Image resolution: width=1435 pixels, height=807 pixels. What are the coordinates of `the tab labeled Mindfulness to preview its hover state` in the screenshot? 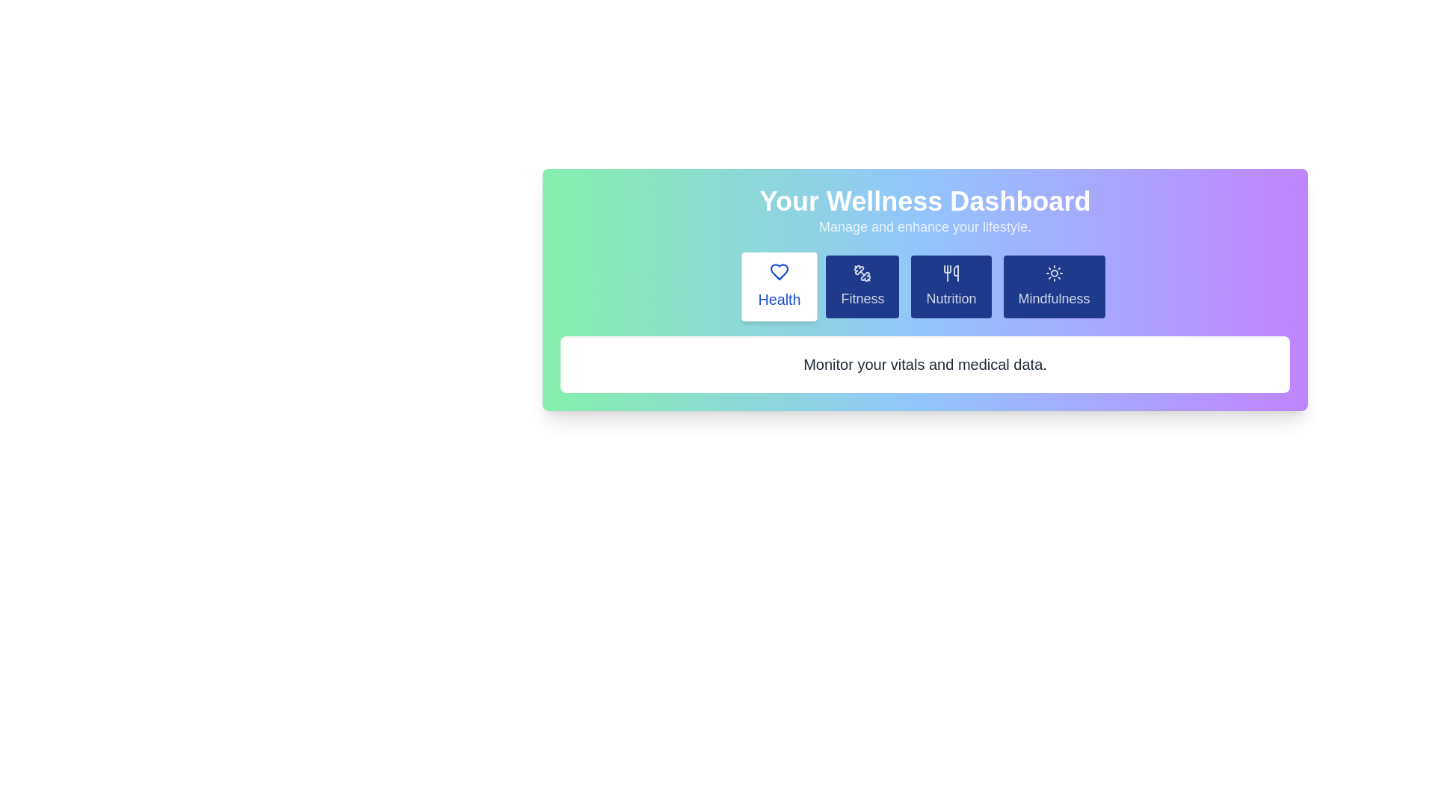 It's located at (1053, 287).